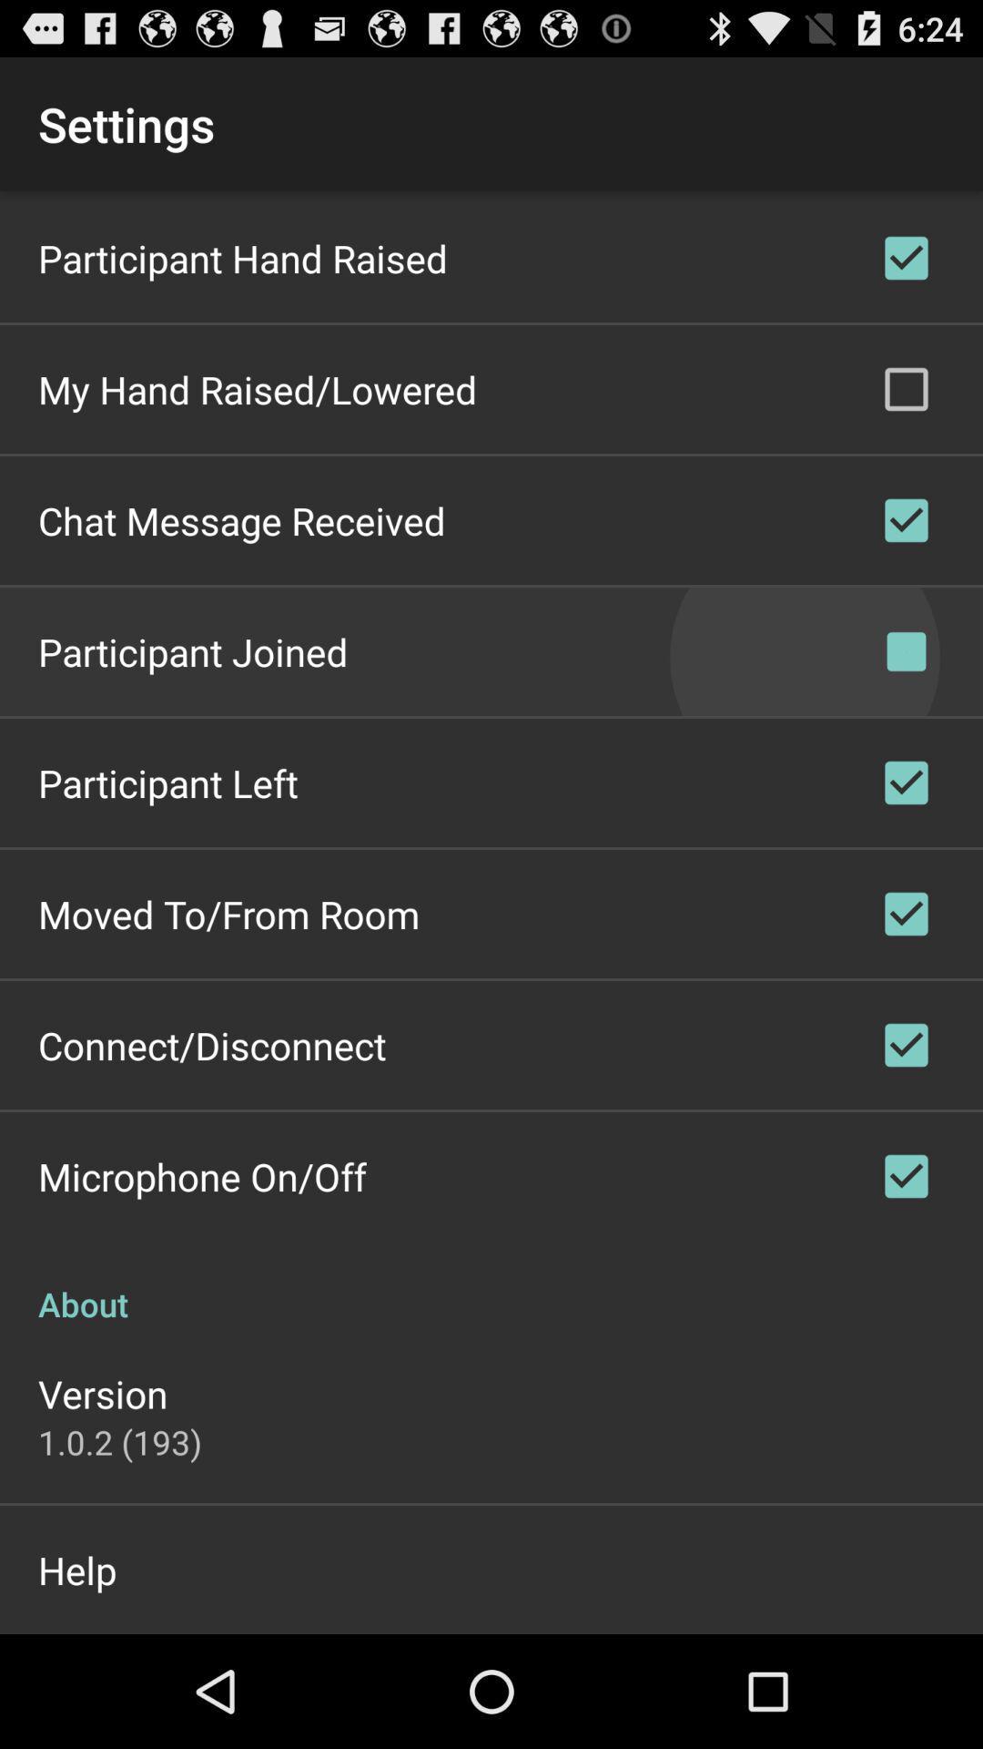 This screenshot has height=1749, width=983. Describe the element at coordinates (211, 1045) in the screenshot. I see `item below moved to from app` at that location.